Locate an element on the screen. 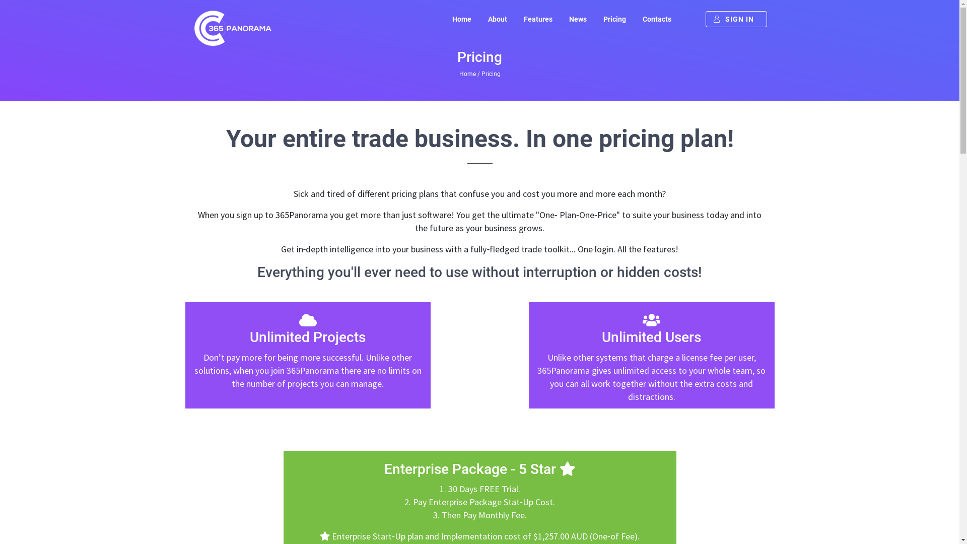 Image resolution: width=967 pixels, height=544 pixels. 'Pricing' is located at coordinates (613, 19).